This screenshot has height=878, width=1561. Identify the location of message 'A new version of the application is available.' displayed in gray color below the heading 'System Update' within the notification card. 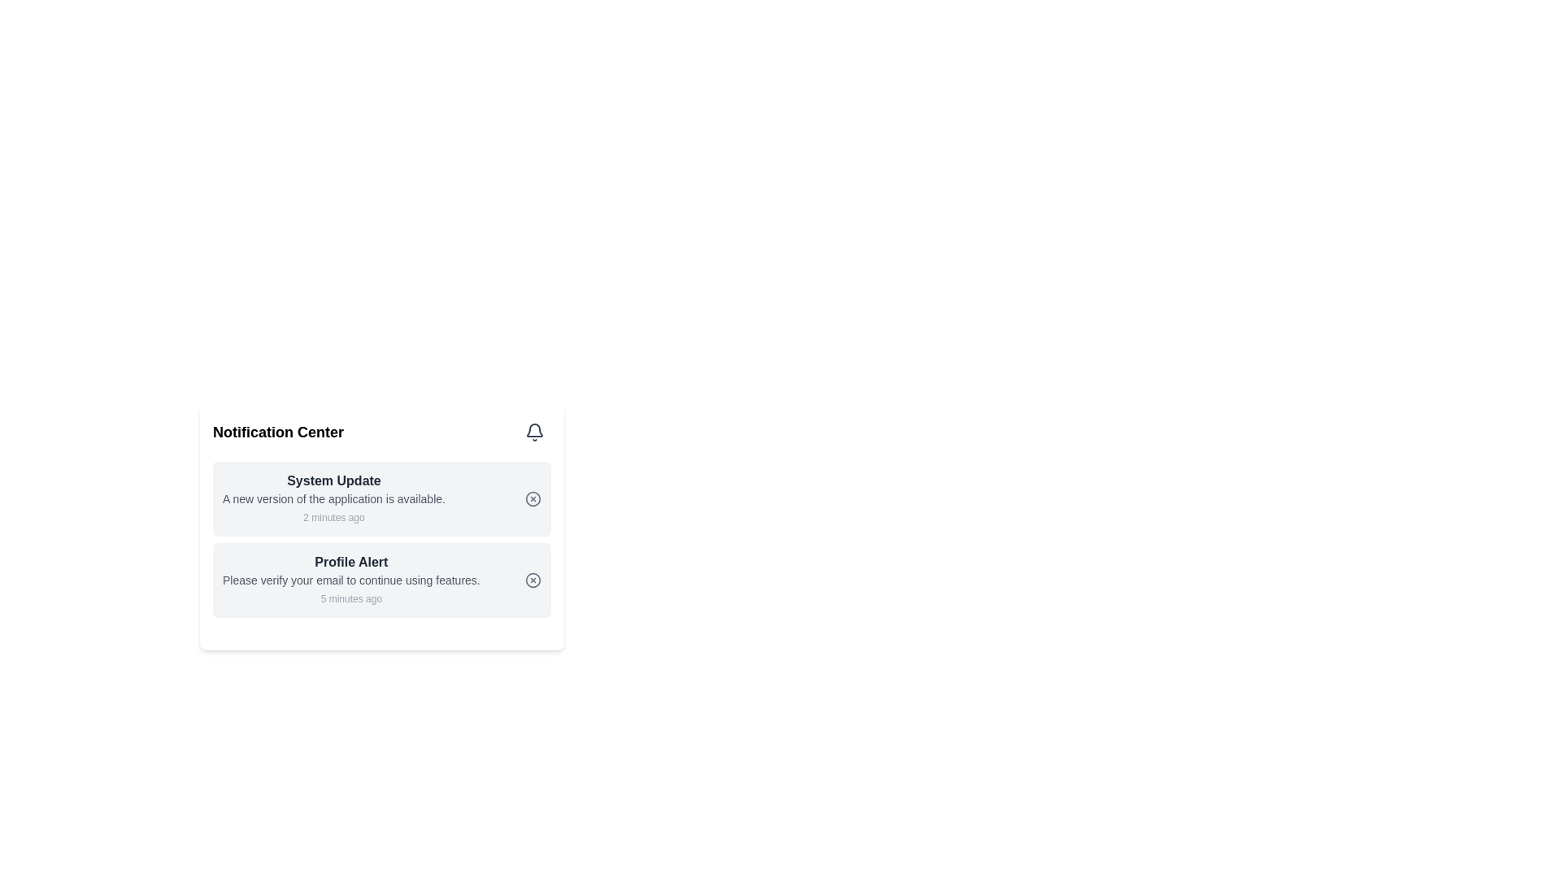
(333, 498).